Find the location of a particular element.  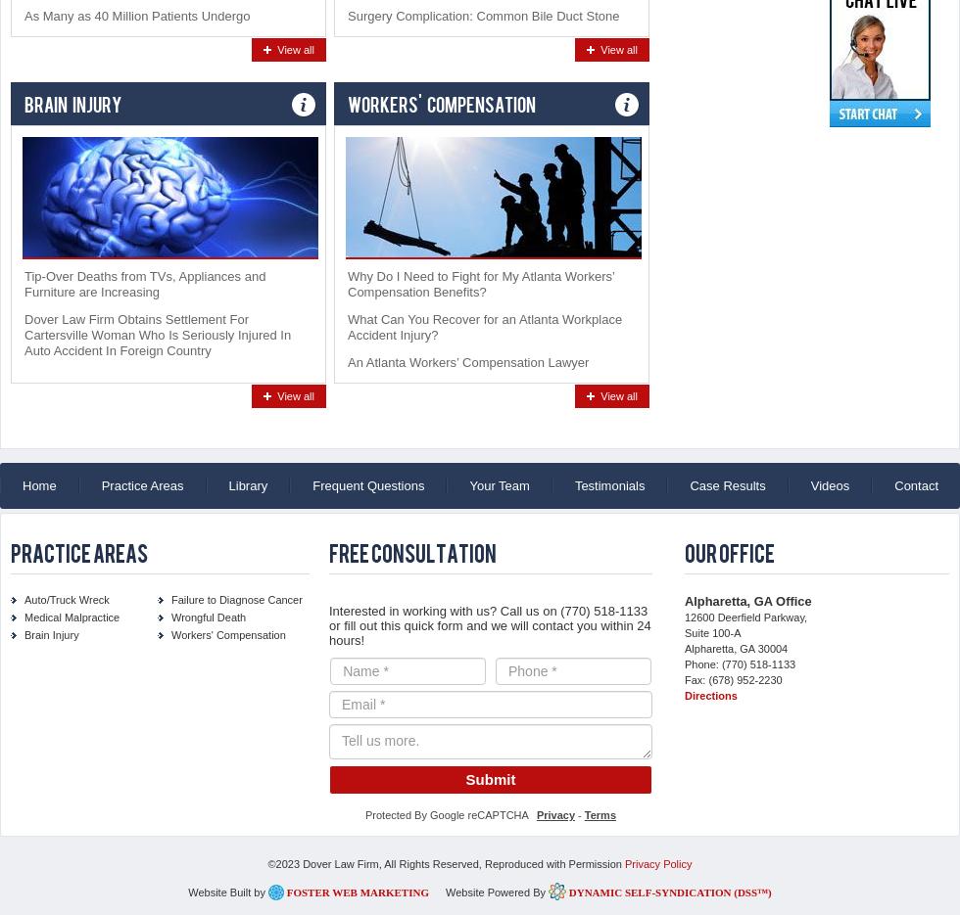

'Terms' is located at coordinates (600, 814).